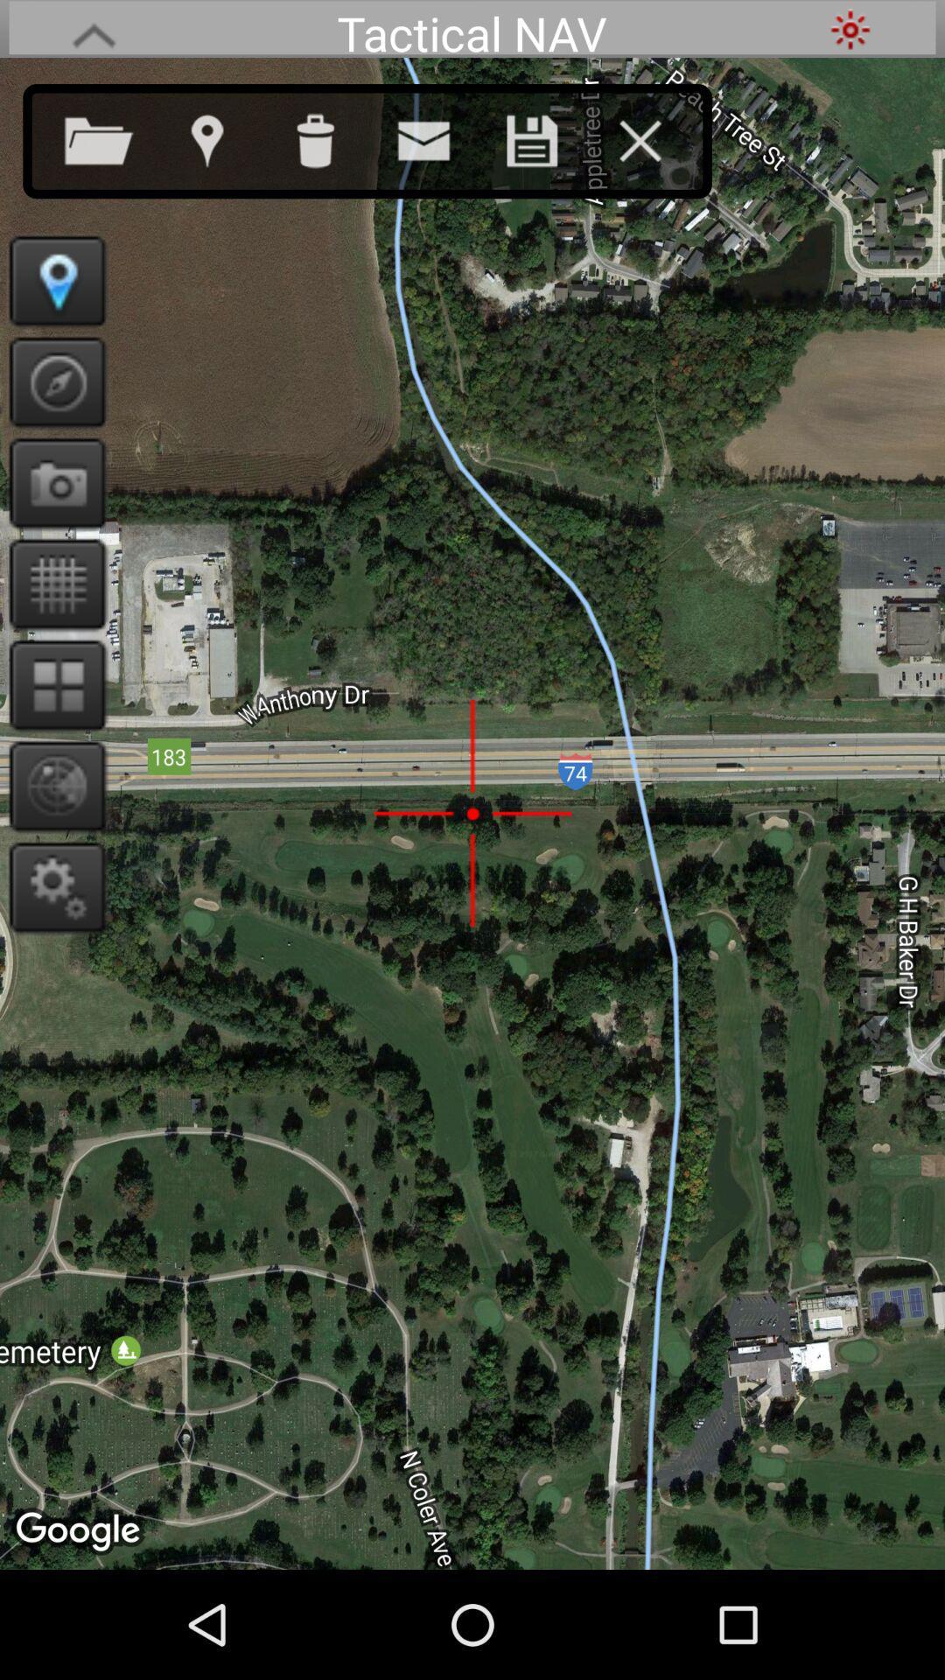 The height and width of the screenshot is (1680, 945). I want to click on the location icon, so click(51, 300).